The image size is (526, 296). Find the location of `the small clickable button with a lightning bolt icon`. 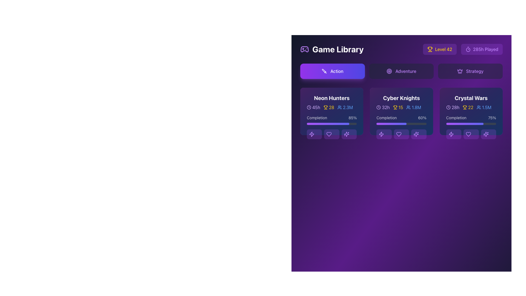

the small clickable button with a lightning bolt icon is located at coordinates (384, 134).